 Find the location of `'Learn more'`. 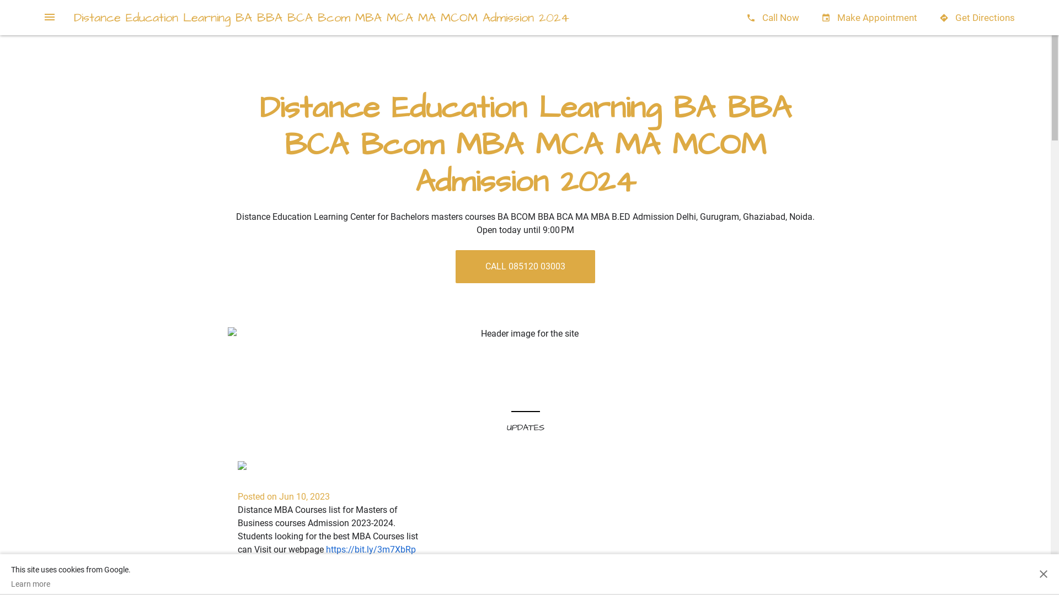

'Learn more' is located at coordinates (70, 583).